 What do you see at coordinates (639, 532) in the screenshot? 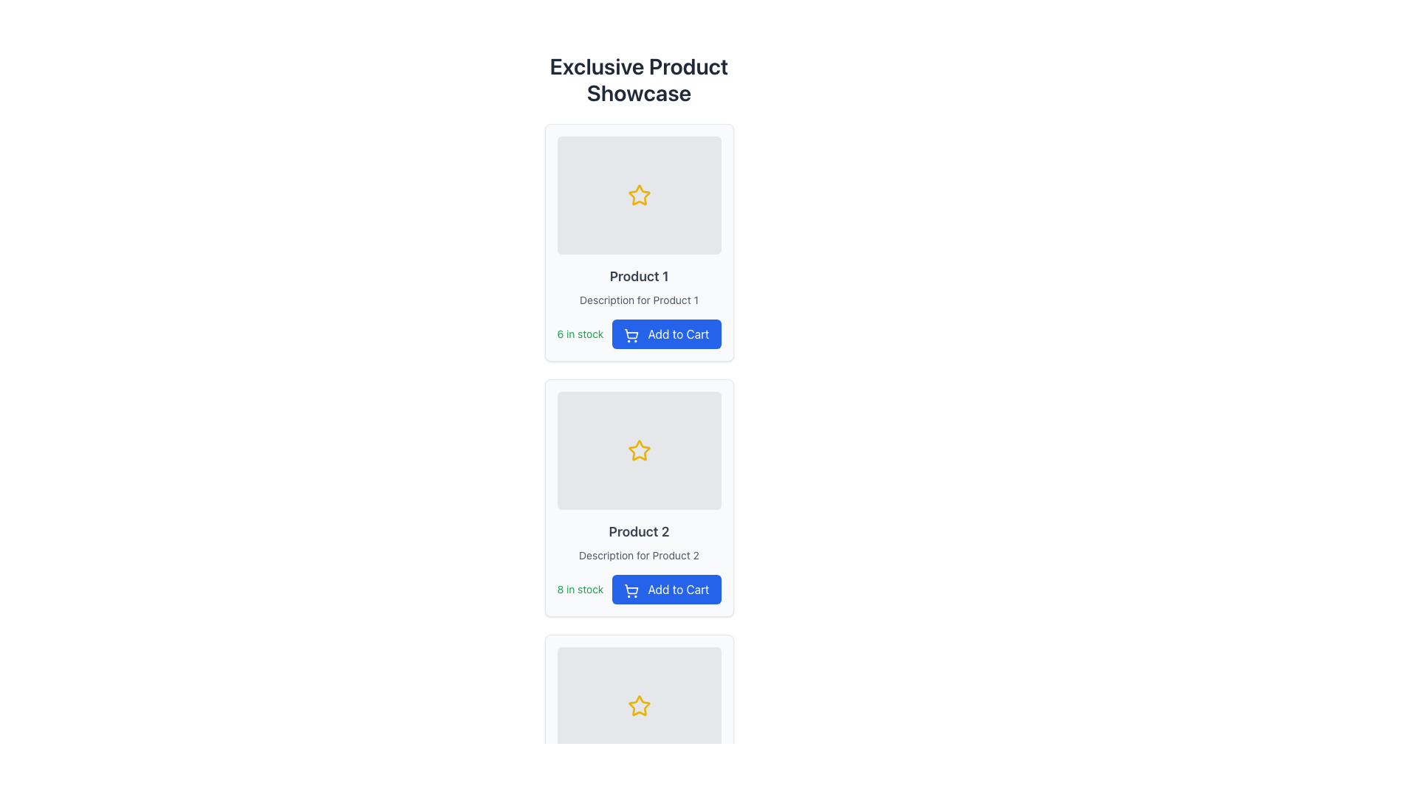
I see `the static text label displaying 'Product 2', which is located in the second product card beneath a yellow star icon` at bounding box center [639, 532].